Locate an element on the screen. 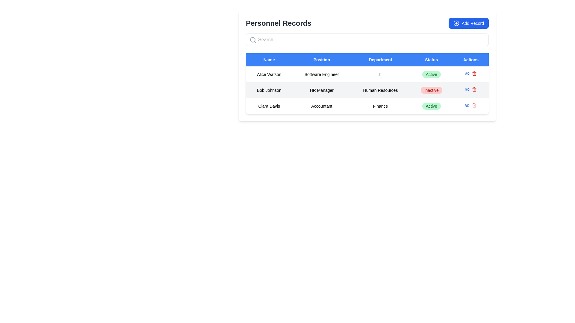 The image size is (575, 323). the trash can icon in the Actions column of the second row of the data table to initiate deletion is located at coordinates (474, 74).